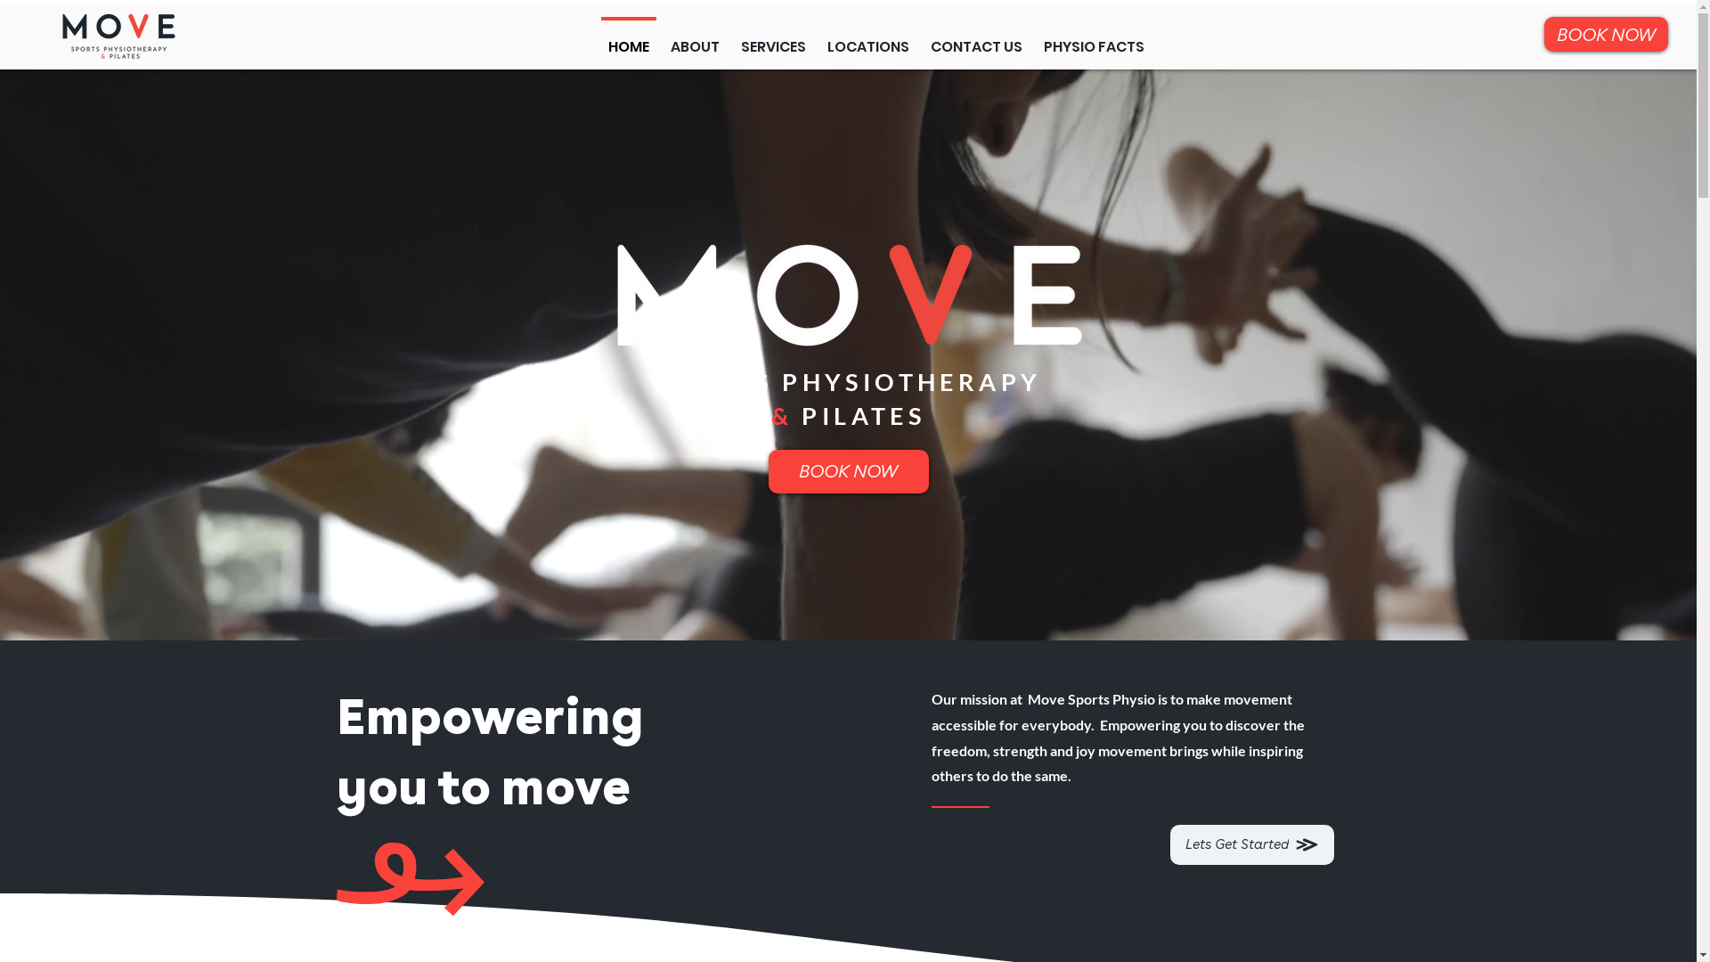  I want to click on 'SERVICES', so click(773, 38).